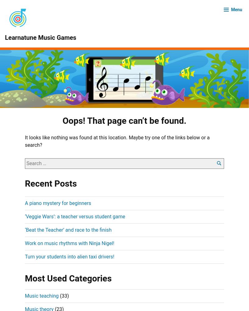  What do you see at coordinates (58, 203) in the screenshot?
I see `'A piano mystery for beginners'` at bounding box center [58, 203].